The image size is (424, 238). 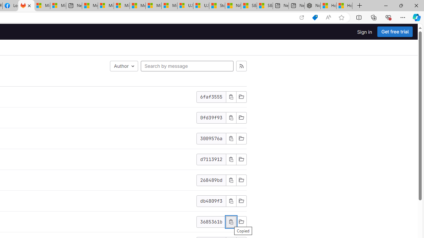 What do you see at coordinates (231, 200) in the screenshot?
I see `'Copy commit SHA'` at bounding box center [231, 200].